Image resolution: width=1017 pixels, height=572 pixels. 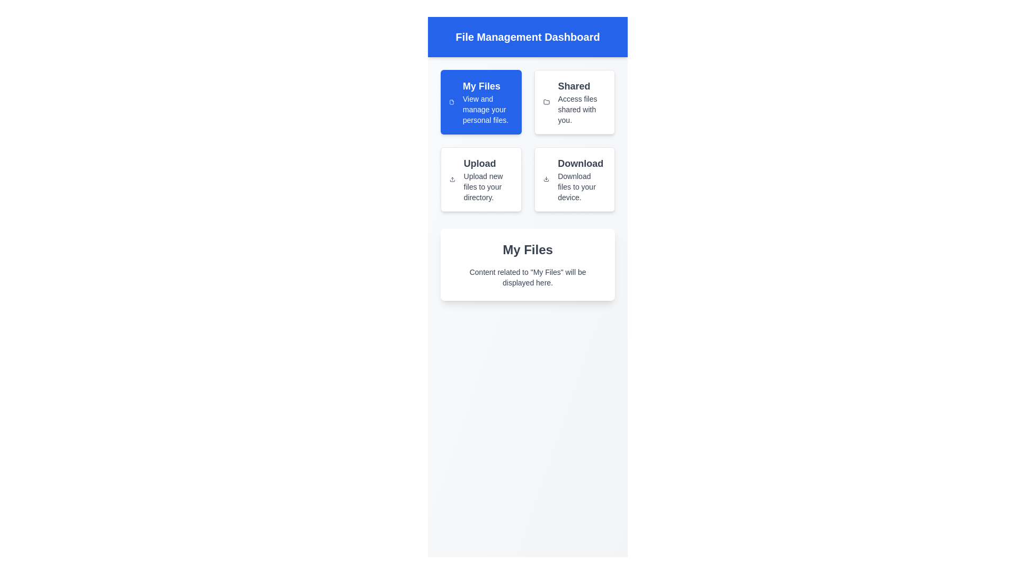 I want to click on the static text banner at the top of the interface, which serves as the title for file management, so click(x=528, y=36).